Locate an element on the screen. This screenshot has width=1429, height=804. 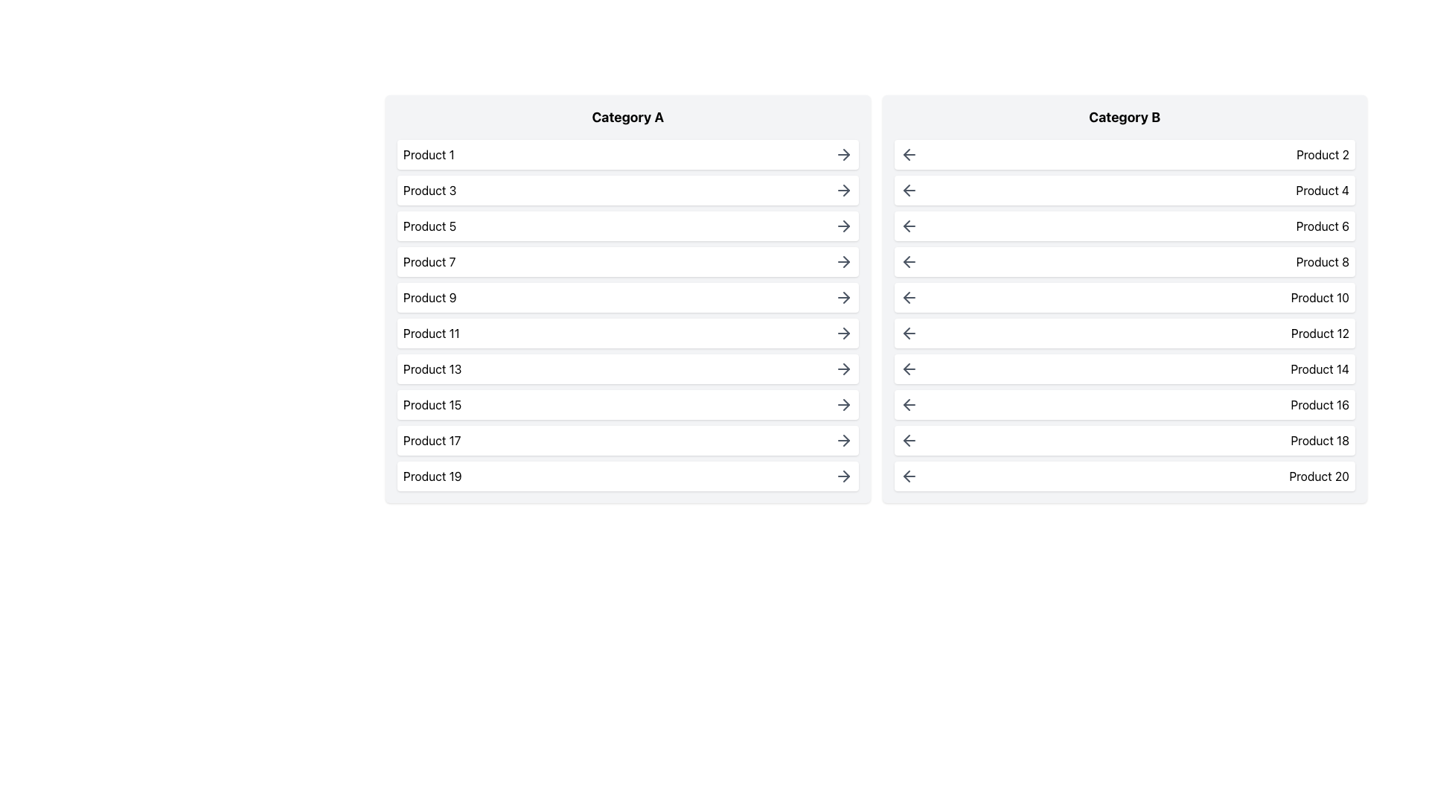
the right-pointing arrow button in the 'Category A' section, located at the end of the row for 'Product 1', to trigger the color change effect is located at coordinates (843, 155).